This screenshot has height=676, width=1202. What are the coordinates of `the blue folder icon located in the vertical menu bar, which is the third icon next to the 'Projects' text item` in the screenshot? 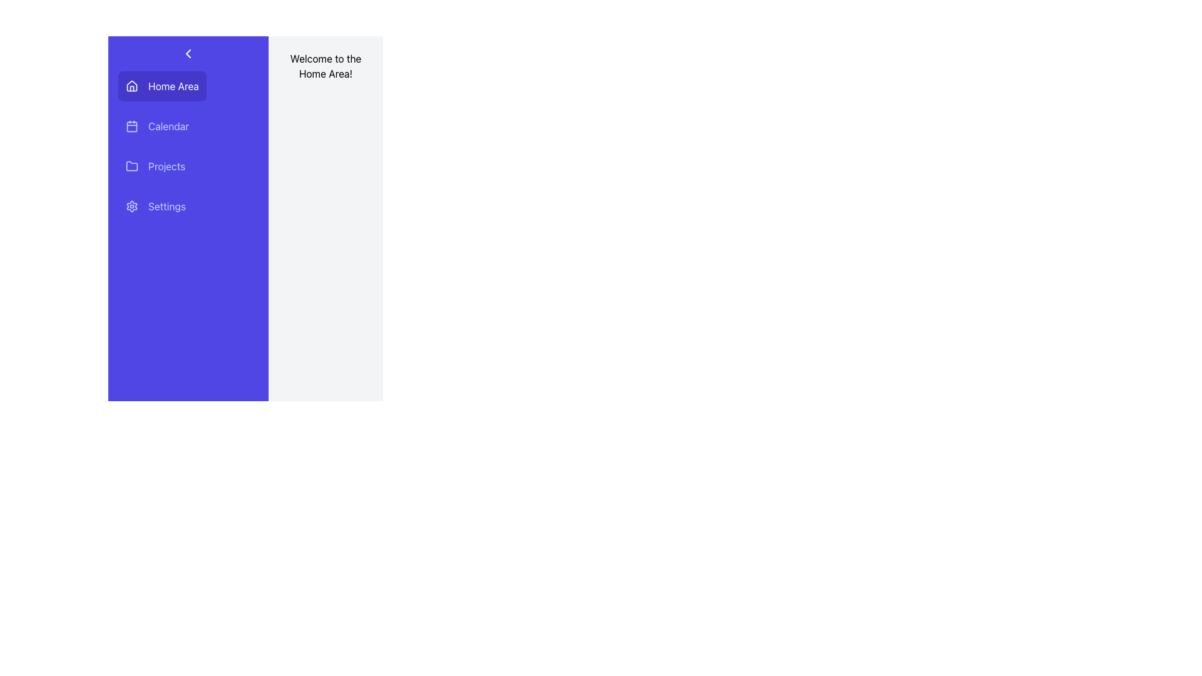 It's located at (132, 165).